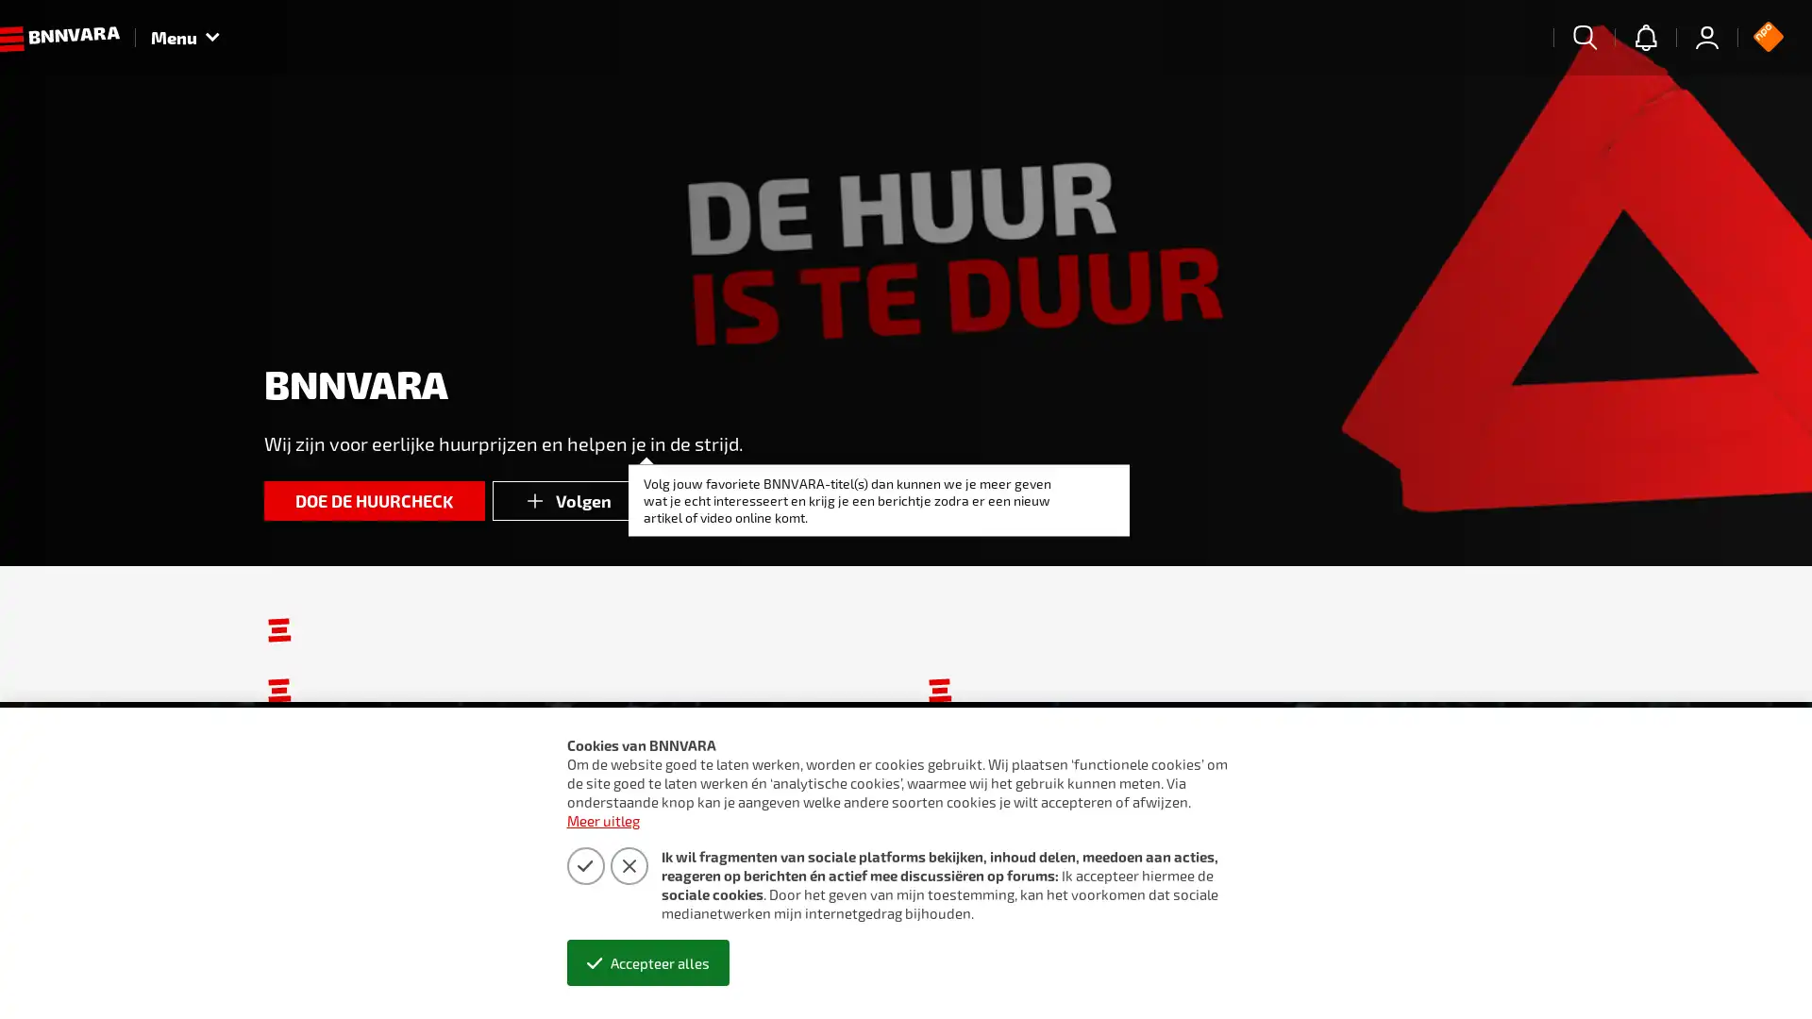 The image size is (1812, 1019). Describe the element at coordinates (647, 962) in the screenshot. I see `Accepteer alles` at that location.